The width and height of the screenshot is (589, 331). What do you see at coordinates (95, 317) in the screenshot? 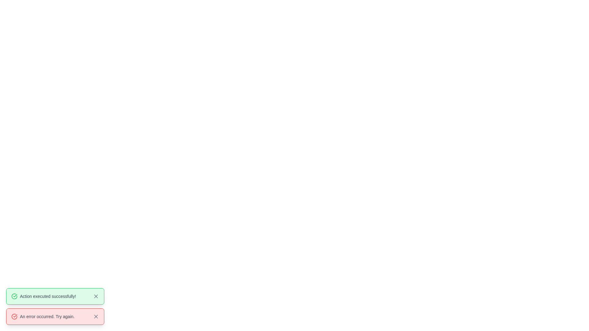
I see `the close ('X') icon located in the top-right corner of the red notification bar that displays the message 'An error occurred. Try again.'` at bounding box center [95, 317].